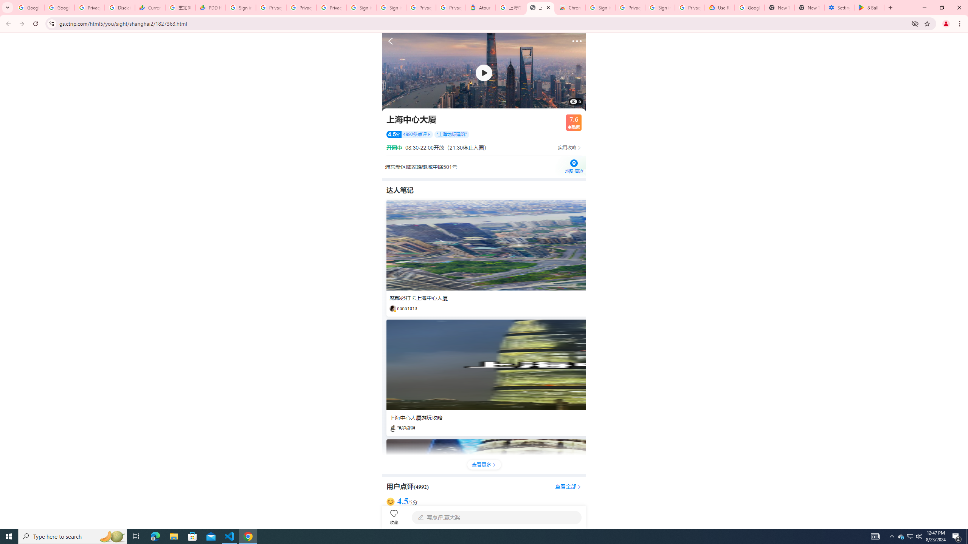 The height and width of the screenshot is (544, 968). I want to click on 'Chrome Web Store - Color themes by Chrome', so click(570, 7).